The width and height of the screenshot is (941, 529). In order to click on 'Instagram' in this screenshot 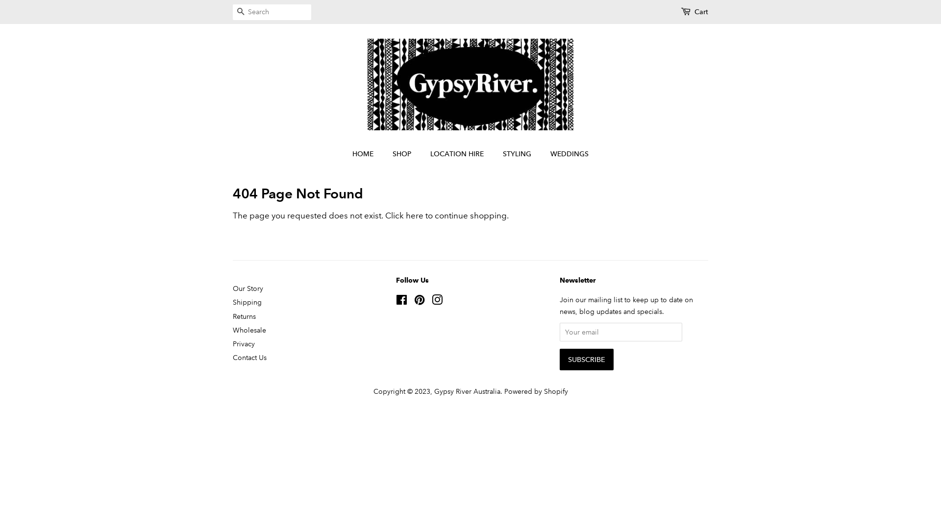, I will do `click(437, 301)`.